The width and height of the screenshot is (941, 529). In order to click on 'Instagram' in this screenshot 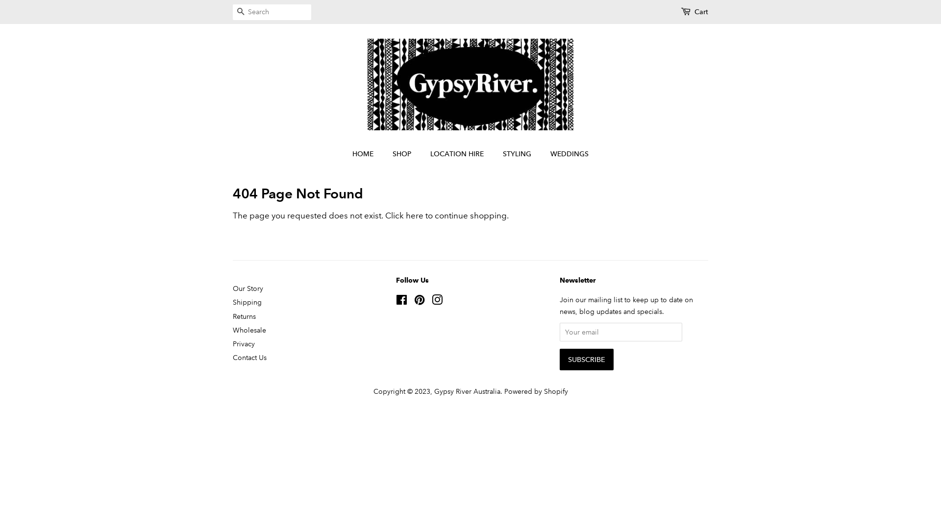, I will do `click(437, 301)`.